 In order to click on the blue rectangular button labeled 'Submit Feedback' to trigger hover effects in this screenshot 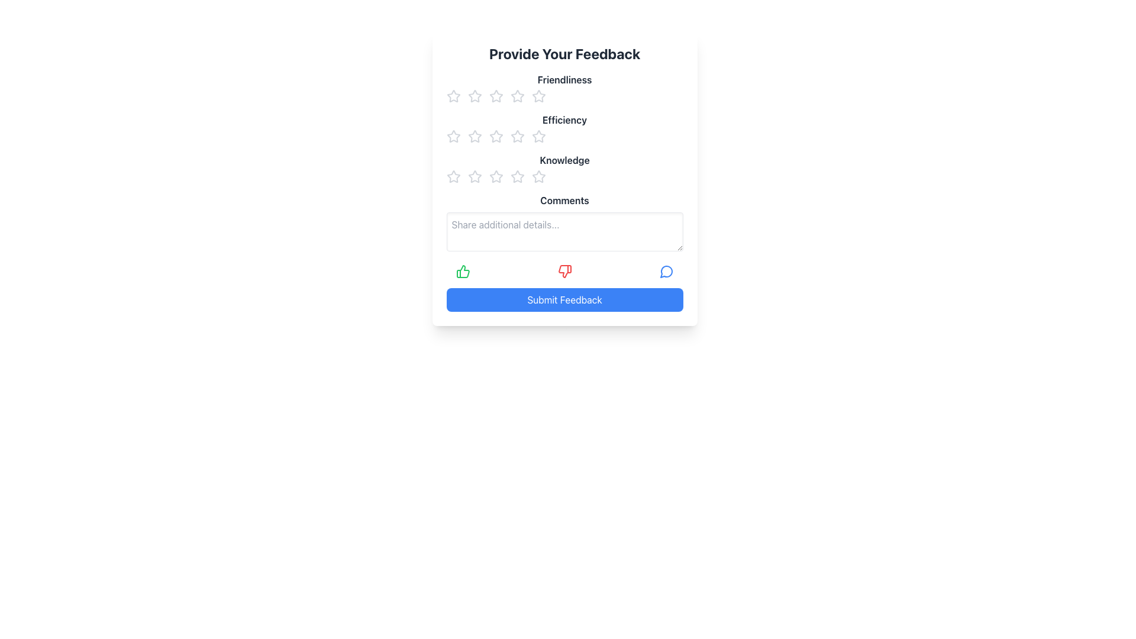, I will do `click(564, 299)`.